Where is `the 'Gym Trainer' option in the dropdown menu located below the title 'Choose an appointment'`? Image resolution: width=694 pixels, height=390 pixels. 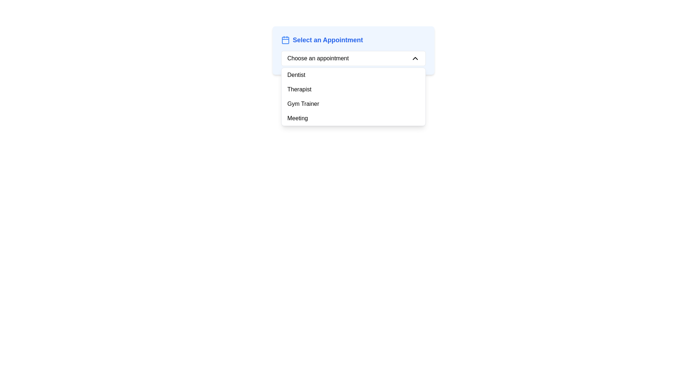
the 'Gym Trainer' option in the dropdown menu located below the title 'Choose an appointment' is located at coordinates (354, 104).